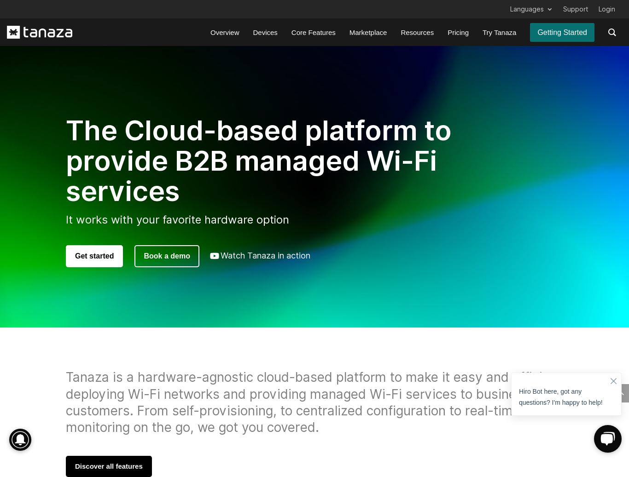 This screenshot has width=629, height=477. Describe the element at coordinates (352, 108) in the screenshot. I see `'Interactive Demo'` at that location.